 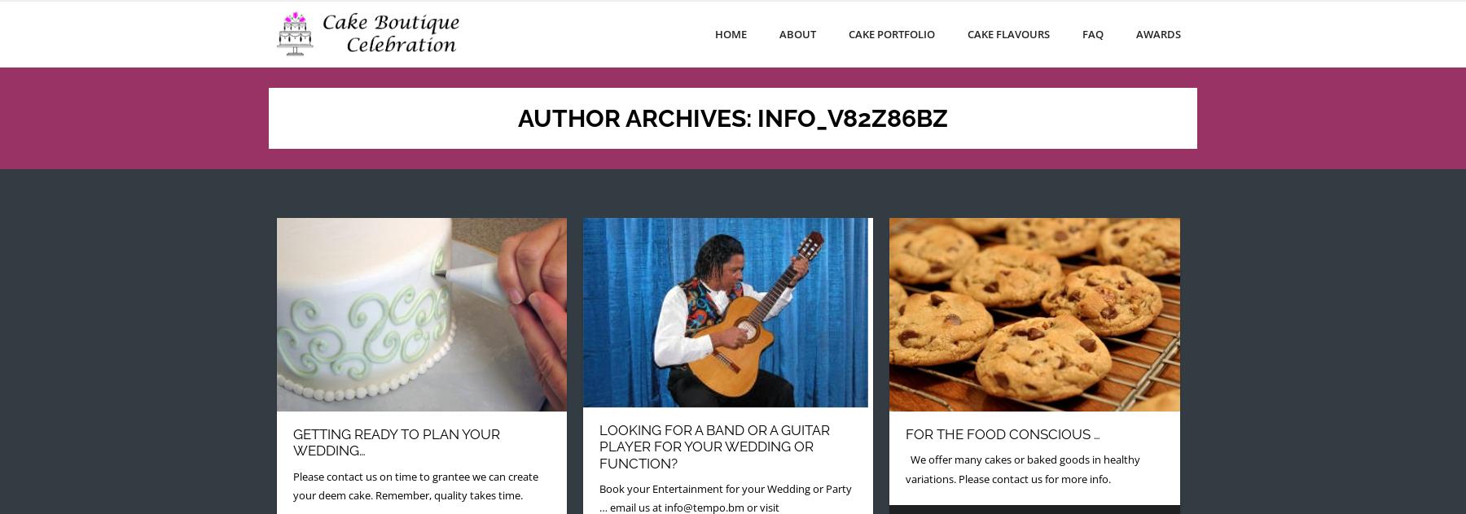 What do you see at coordinates (1157, 33) in the screenshot?
I see `'Awards'` at bounding box center [1157, 33].